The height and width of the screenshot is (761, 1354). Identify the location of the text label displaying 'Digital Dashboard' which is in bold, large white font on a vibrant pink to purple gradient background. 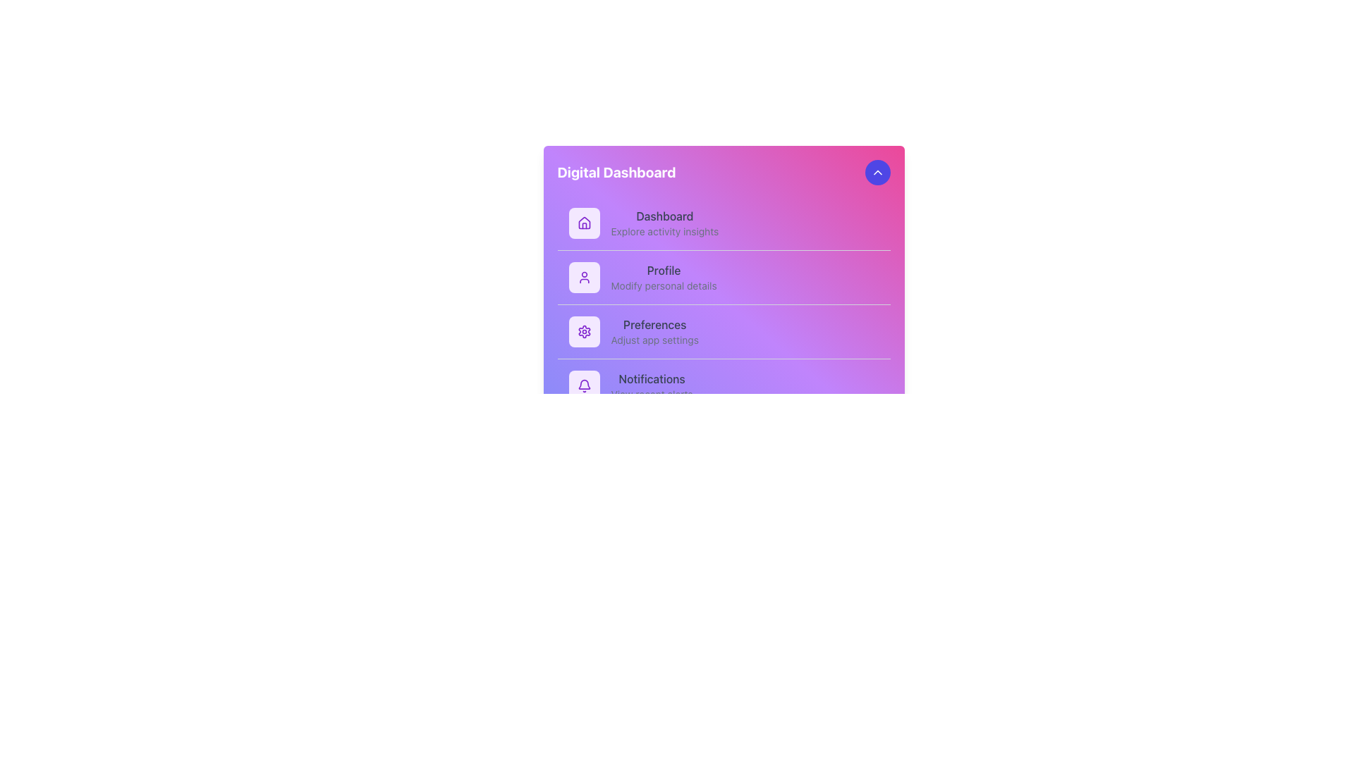
(616, 172).